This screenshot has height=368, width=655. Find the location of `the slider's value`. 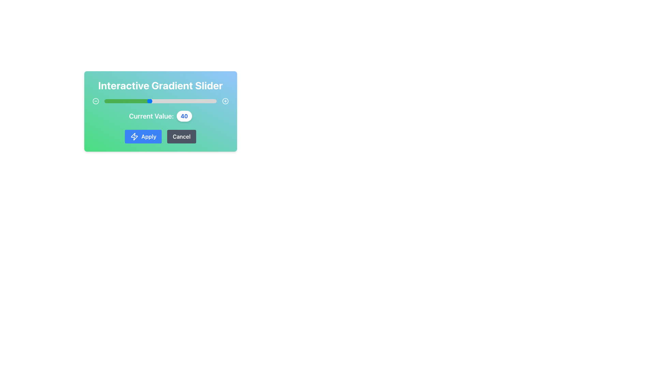

the slider's value is located at coordinates (140, 101).